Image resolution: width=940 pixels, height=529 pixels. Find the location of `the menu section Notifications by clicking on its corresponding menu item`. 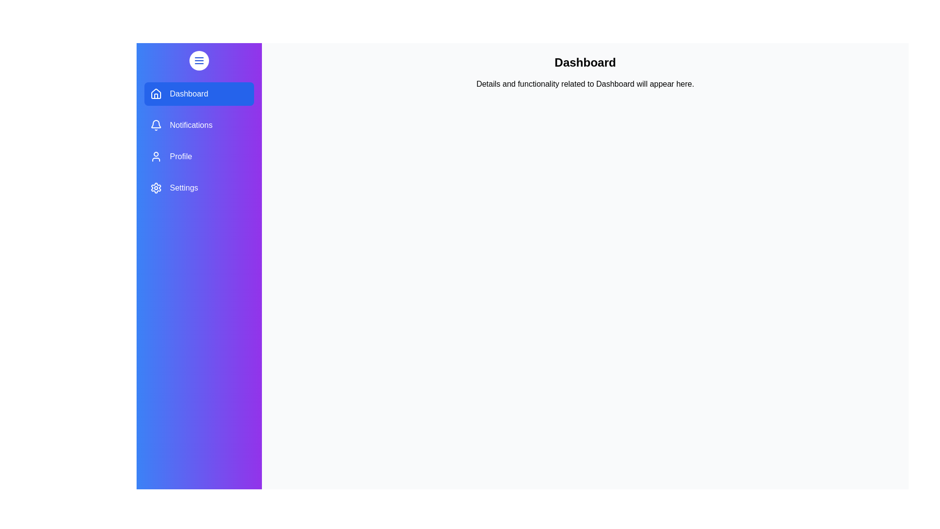

the menu section Notifications by clicking on its corresponding menu item is located at coordinates (199, 124).